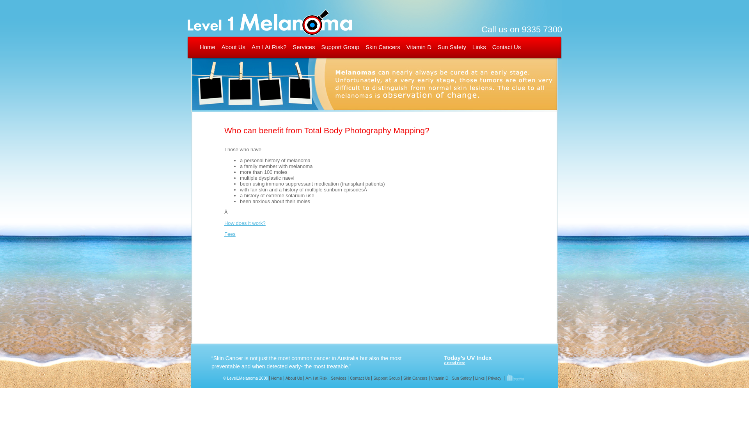  Describe the element at coordinates (340, 47) in the screenshot. I see `'Support Group'` at that location.